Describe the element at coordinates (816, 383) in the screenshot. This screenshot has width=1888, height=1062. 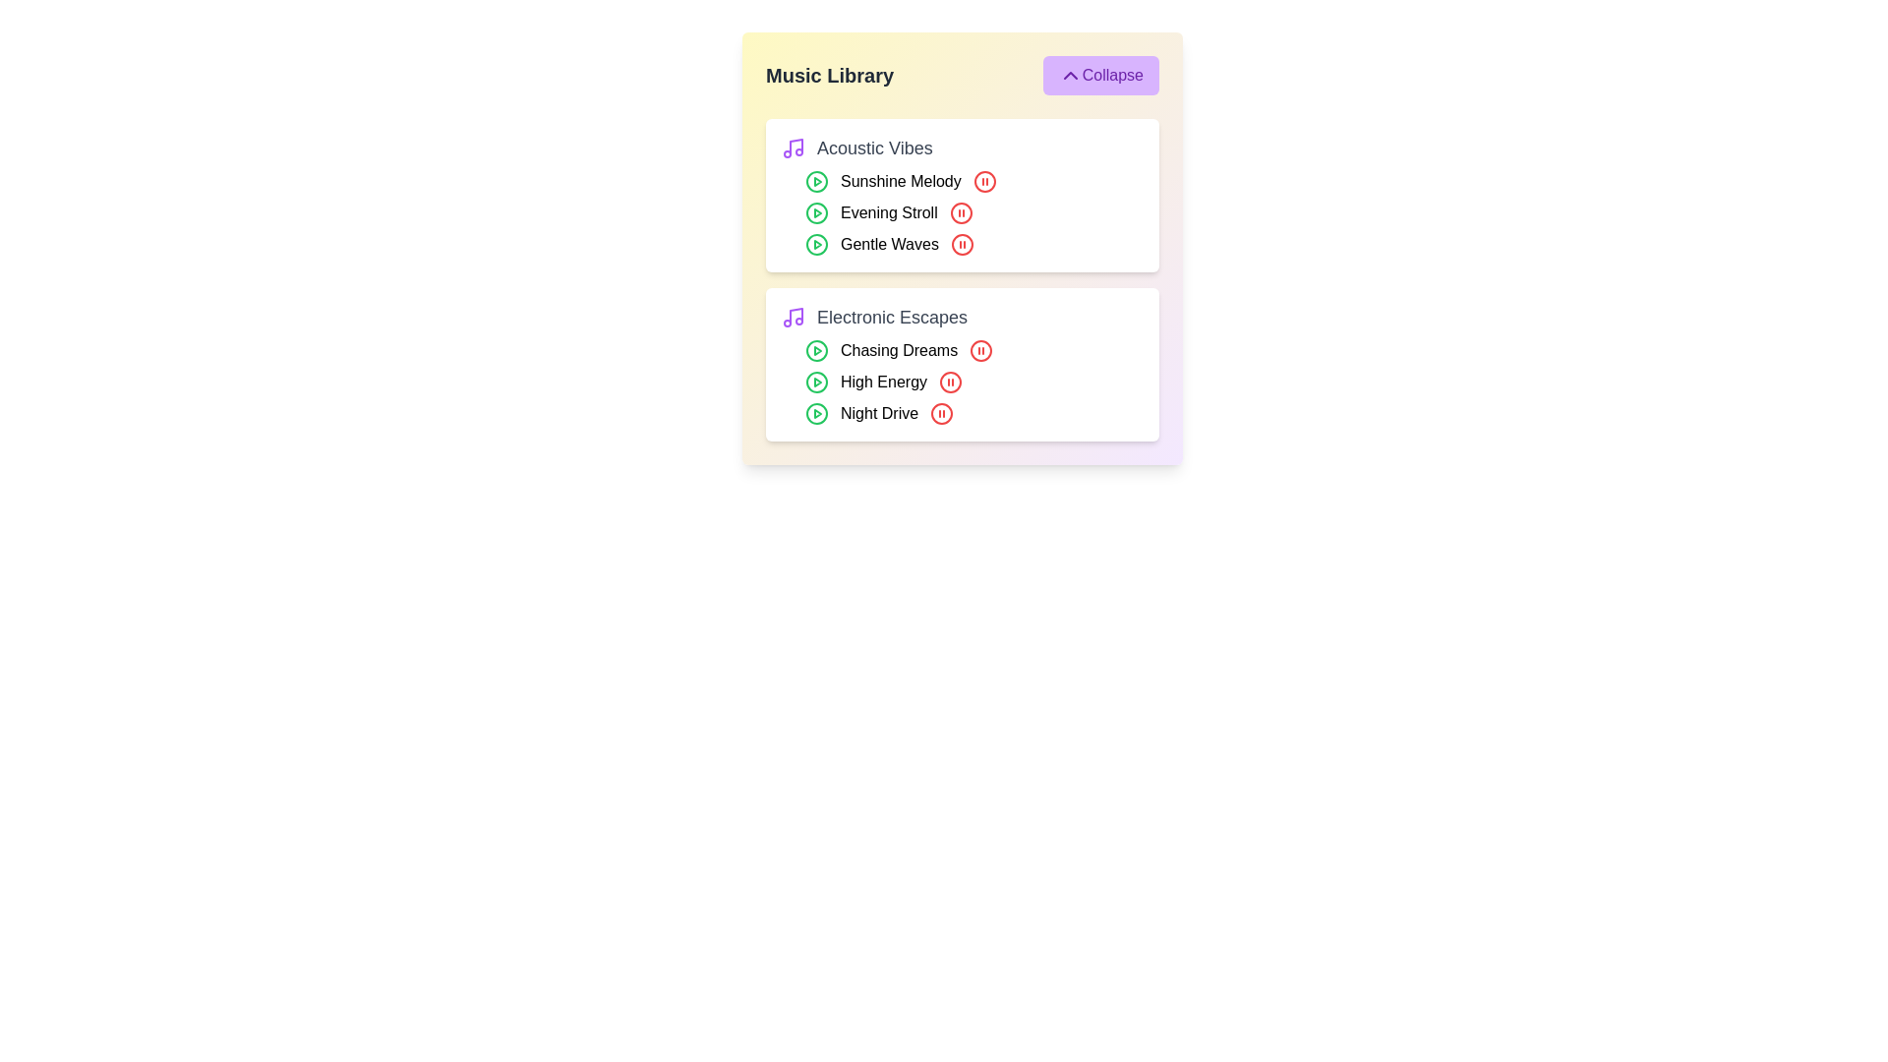
I see `the play button for the track High Energy` at that location.